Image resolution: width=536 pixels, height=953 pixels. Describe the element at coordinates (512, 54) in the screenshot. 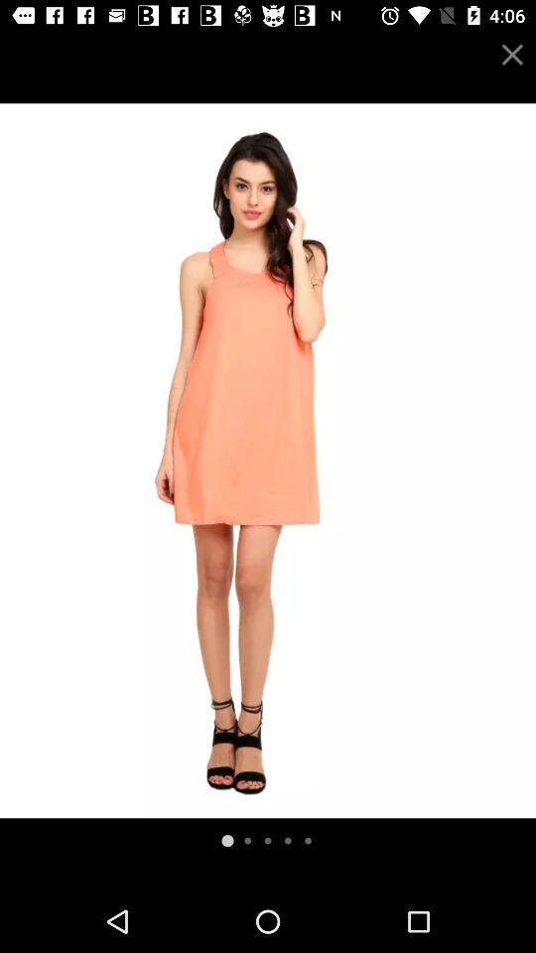

I see `item at the top right corner` at that location.